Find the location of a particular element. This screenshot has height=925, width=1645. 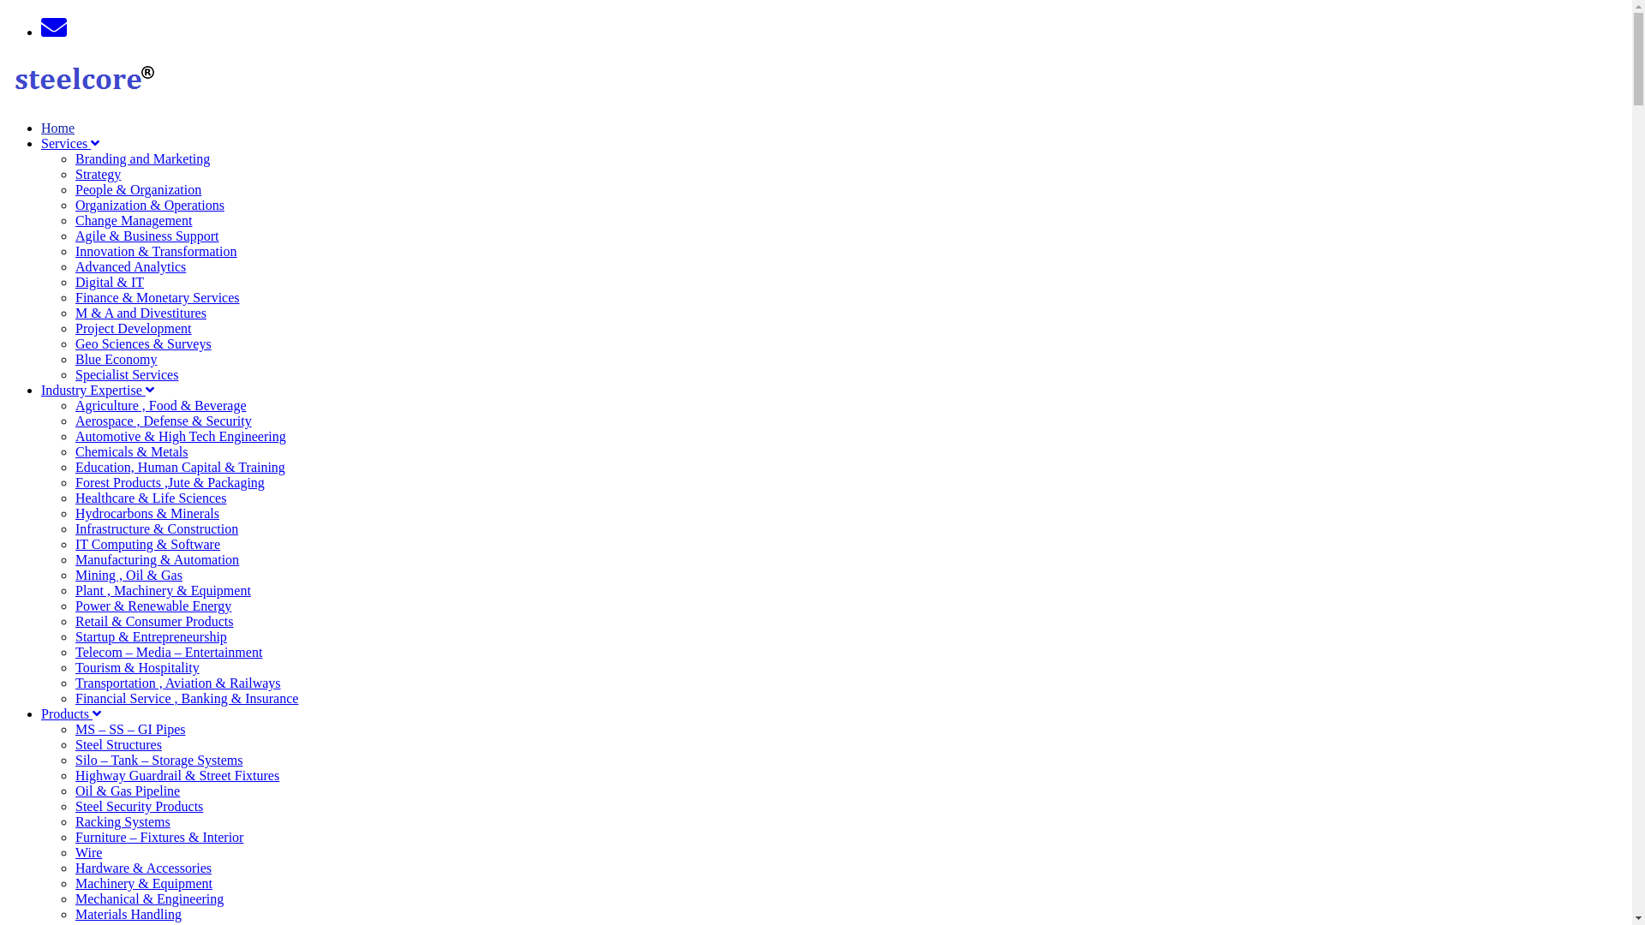

'Agile & Business Support' is located at coordinates (74, 236).